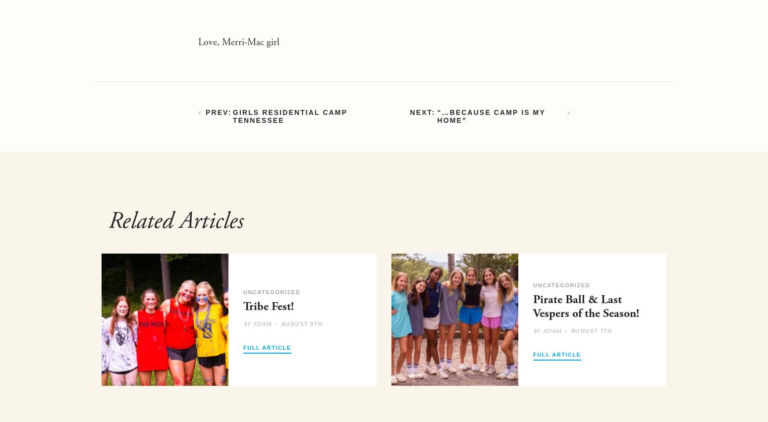 Image resolution: width=768 pixels, height=422 pixels. What do you see at coordinates (586, 306) in the screenshot?
I see `'Pirate Ball & Last Vespers of the Season!'` at bounding box center [586, 306].